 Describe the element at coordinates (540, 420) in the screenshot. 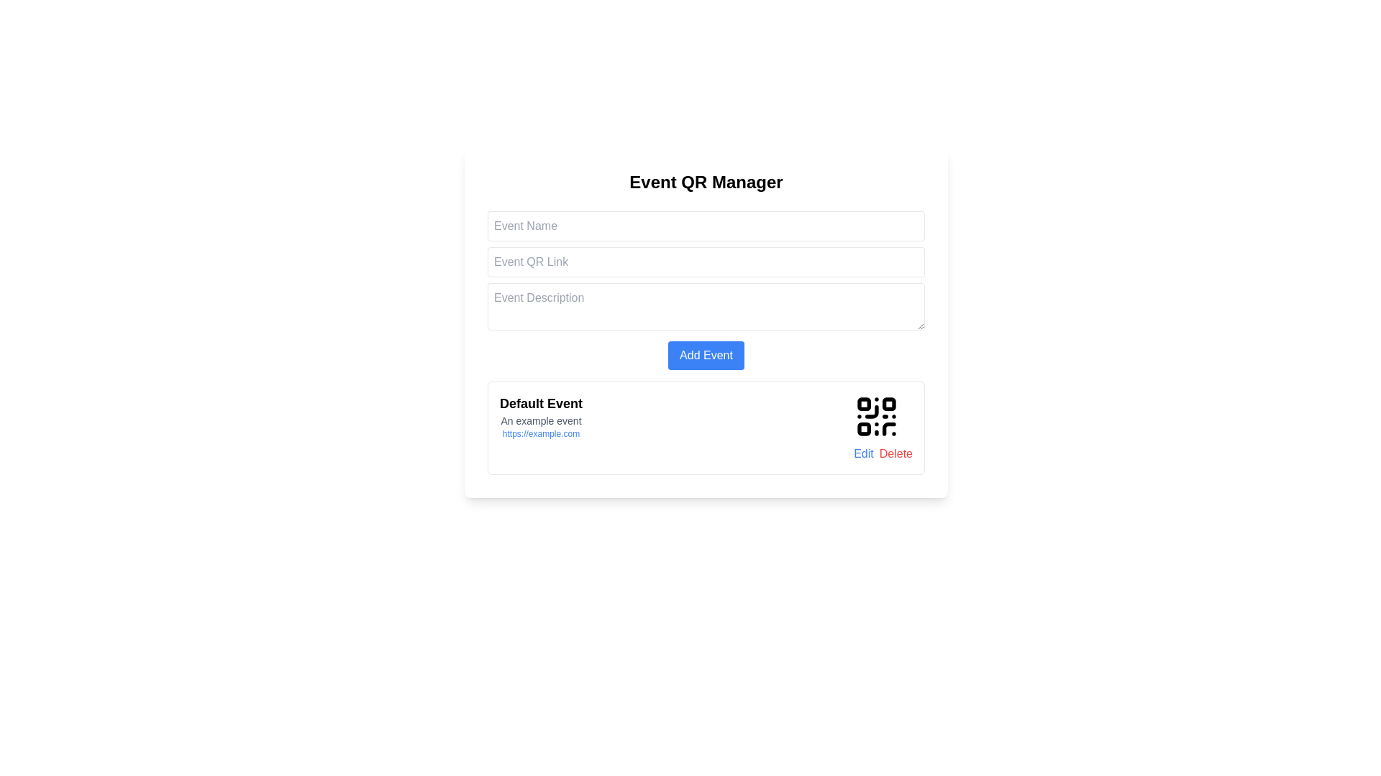

I see `the label element providing additional descriptive detail related to the 'Default Event' text in the event card section` at that location.